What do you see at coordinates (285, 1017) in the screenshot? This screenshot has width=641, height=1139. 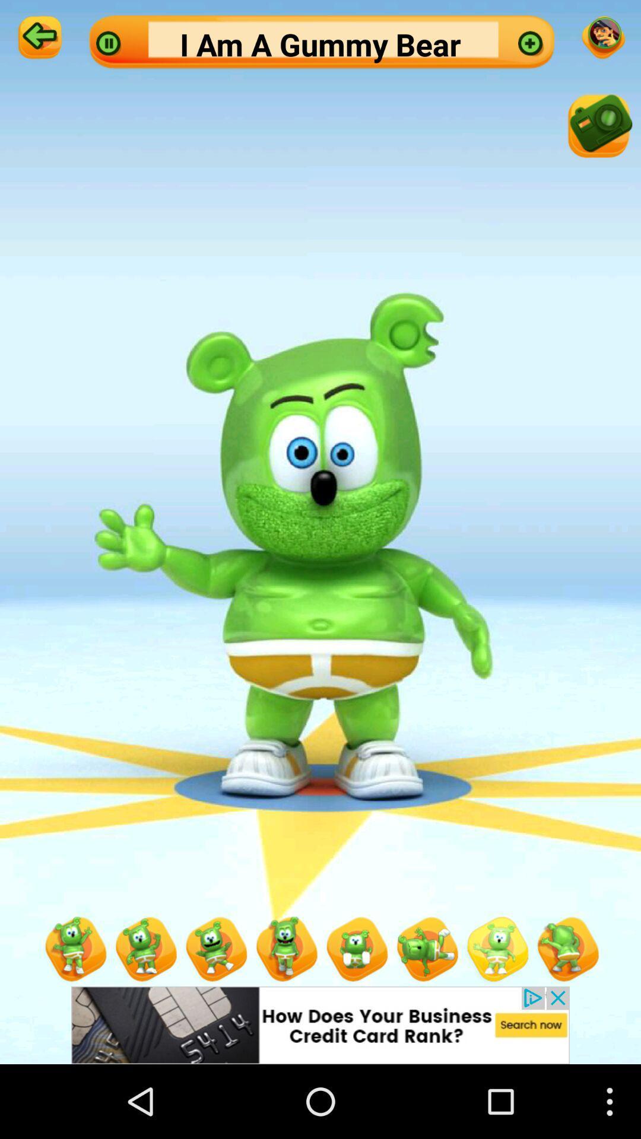 I see `the avatar icon` at bounding box center [285, 1017].